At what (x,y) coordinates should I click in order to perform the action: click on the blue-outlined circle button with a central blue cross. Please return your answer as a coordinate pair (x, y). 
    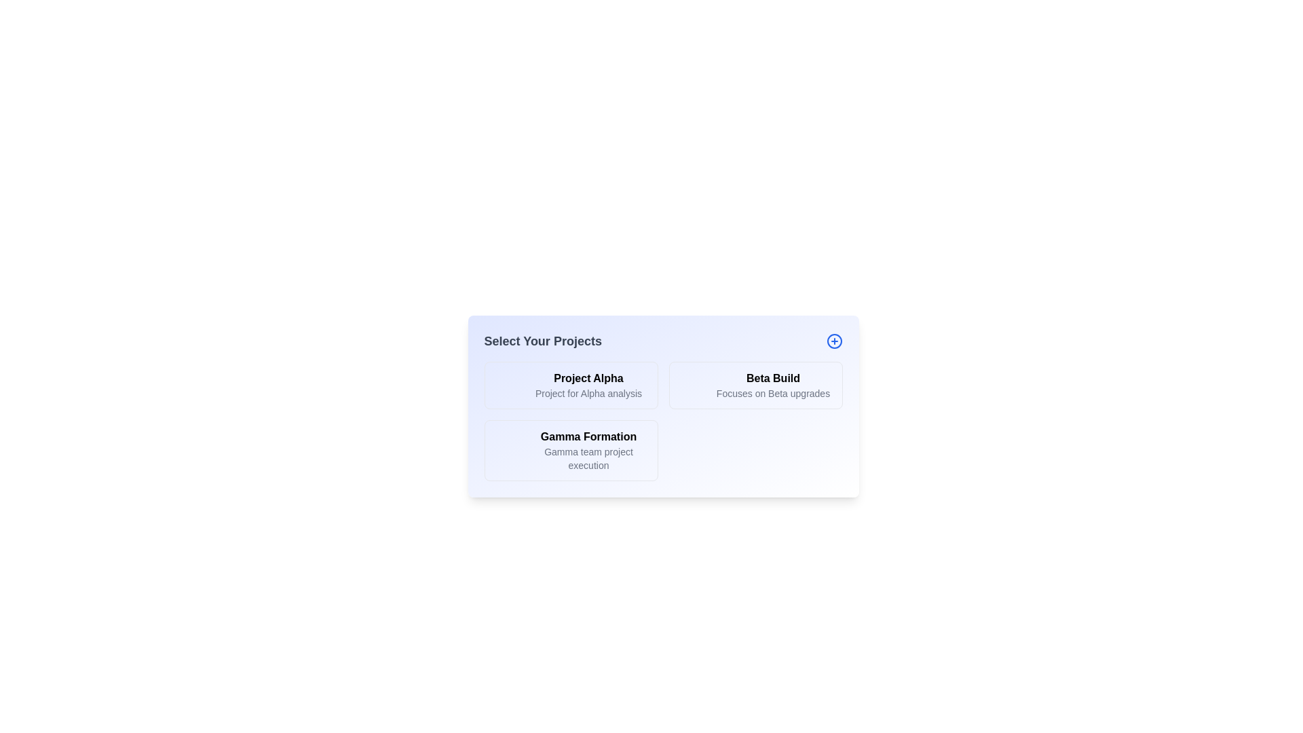
    Looking at the image, I should click on (833, 340).